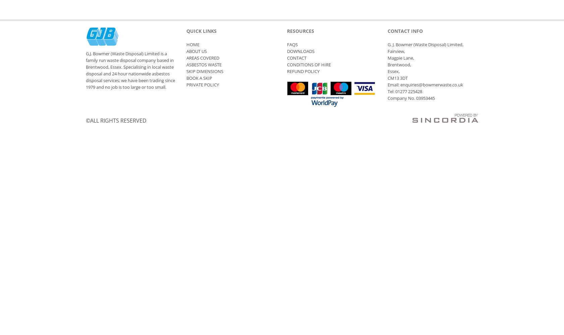 The height and width of the screenshot is (335, 564). I want to click on 'Book a Skip', so click(199, 78).